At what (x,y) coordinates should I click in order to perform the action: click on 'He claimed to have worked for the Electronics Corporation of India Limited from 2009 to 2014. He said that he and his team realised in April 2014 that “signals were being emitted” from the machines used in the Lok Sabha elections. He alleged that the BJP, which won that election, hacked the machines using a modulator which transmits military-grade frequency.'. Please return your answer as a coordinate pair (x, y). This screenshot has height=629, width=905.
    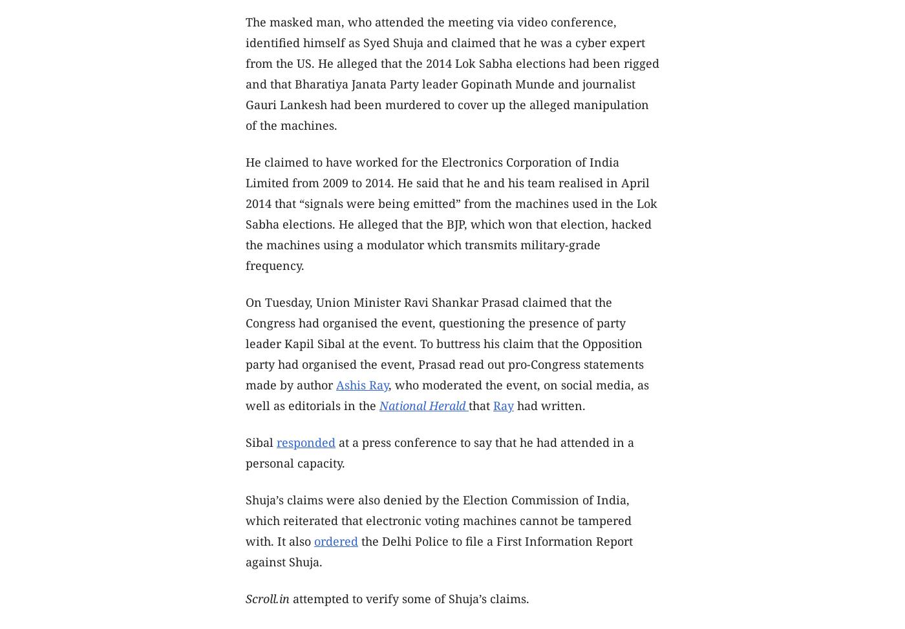
    Looking at the image, I should click on (451, 213).